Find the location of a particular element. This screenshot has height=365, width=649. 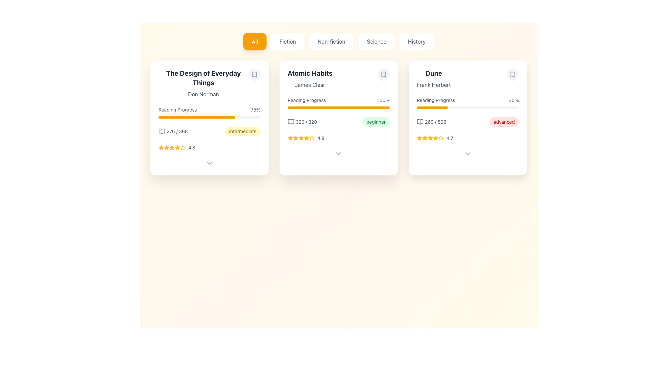

the visual representation of the 'open book' SVG icon located in the top-right area of the card labeled 'The Design of Everyday Things' is located at coordinates (162, 131).